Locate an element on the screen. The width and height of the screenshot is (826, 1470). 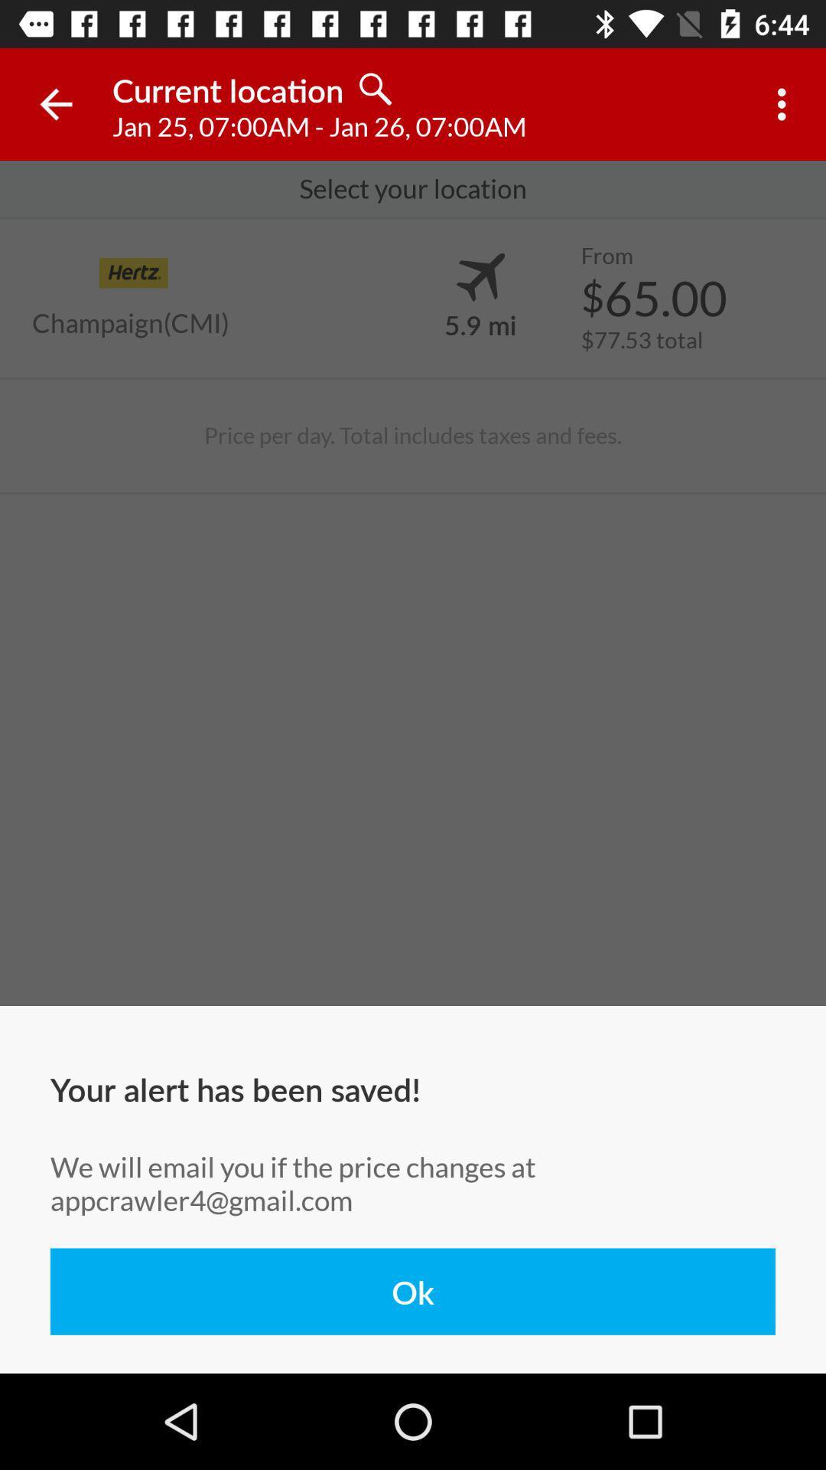
the price per day icon is located at coordinates (413, 435).